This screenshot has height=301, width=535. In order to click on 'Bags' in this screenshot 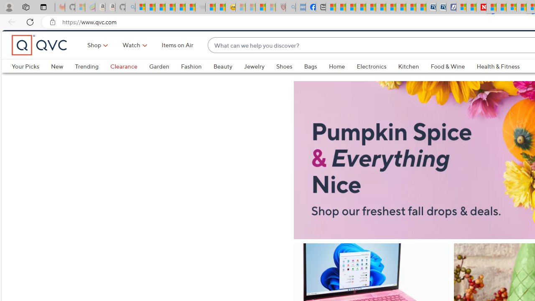, I will do `click(316, 80)`.